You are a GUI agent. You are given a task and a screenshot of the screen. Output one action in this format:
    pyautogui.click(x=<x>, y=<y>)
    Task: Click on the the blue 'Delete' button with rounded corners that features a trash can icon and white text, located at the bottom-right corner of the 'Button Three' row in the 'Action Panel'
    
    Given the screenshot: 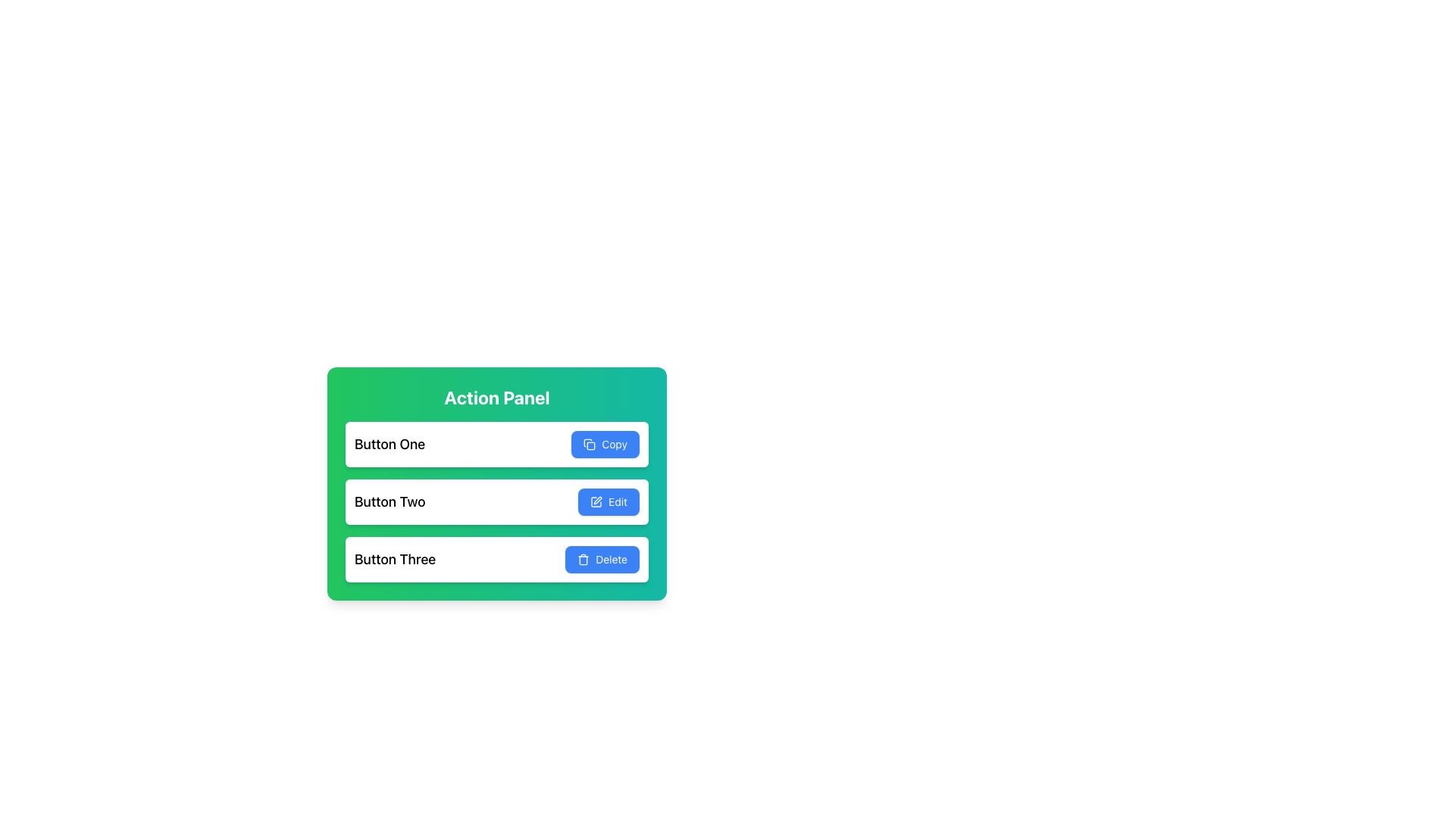 What is the action you would take?
    pyautogui.click(x=602, y=560)
    